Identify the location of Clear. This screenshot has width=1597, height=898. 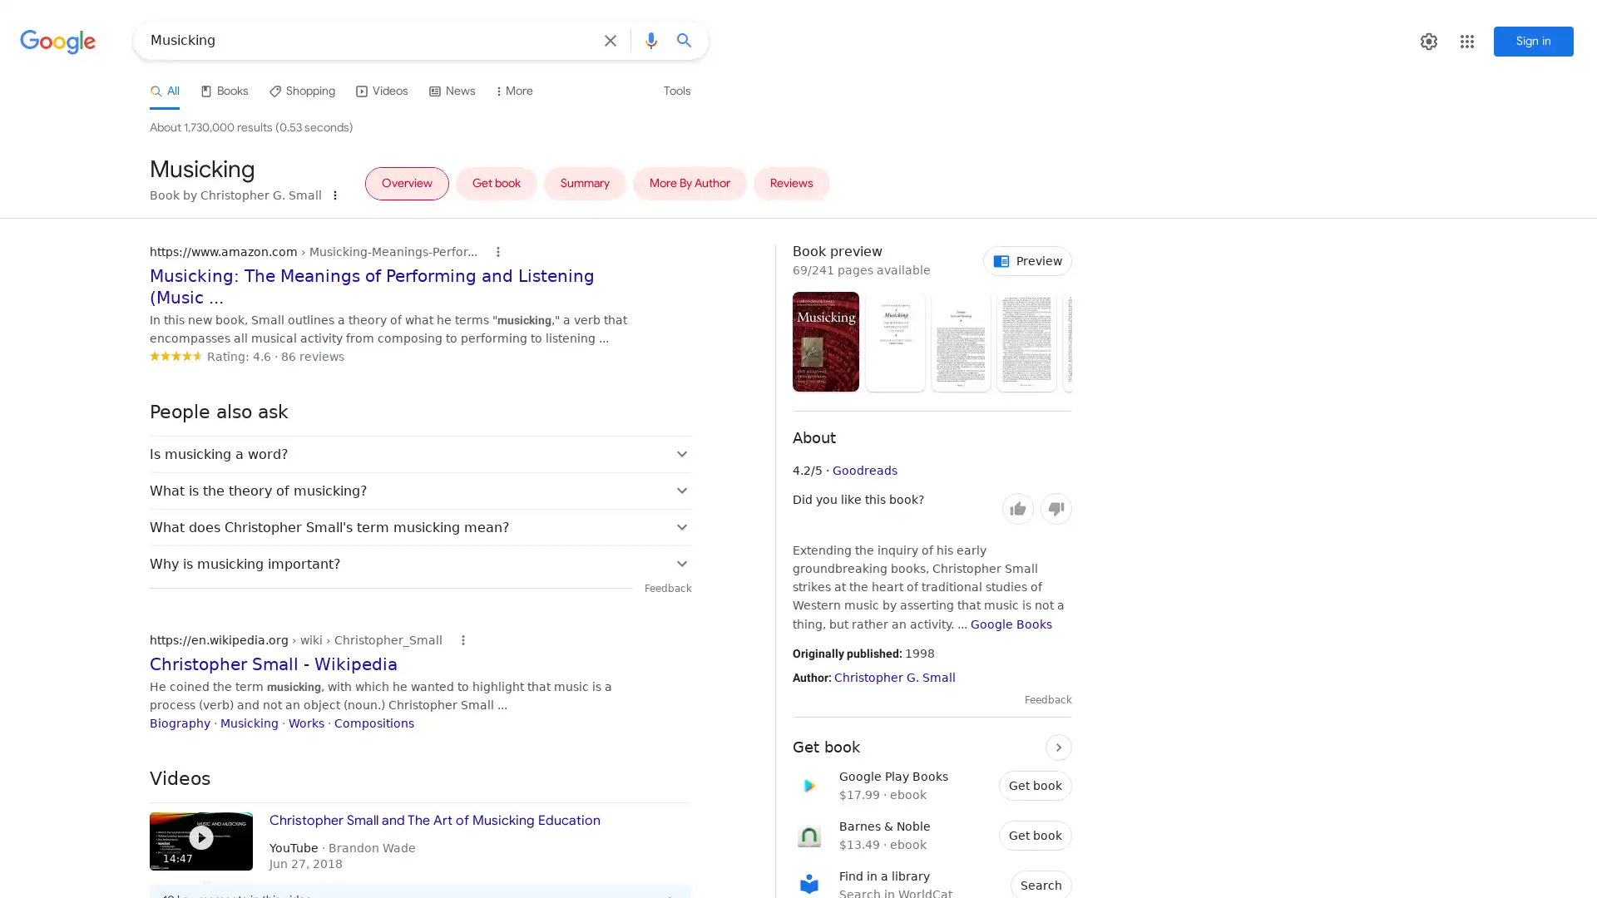
(610, 40).